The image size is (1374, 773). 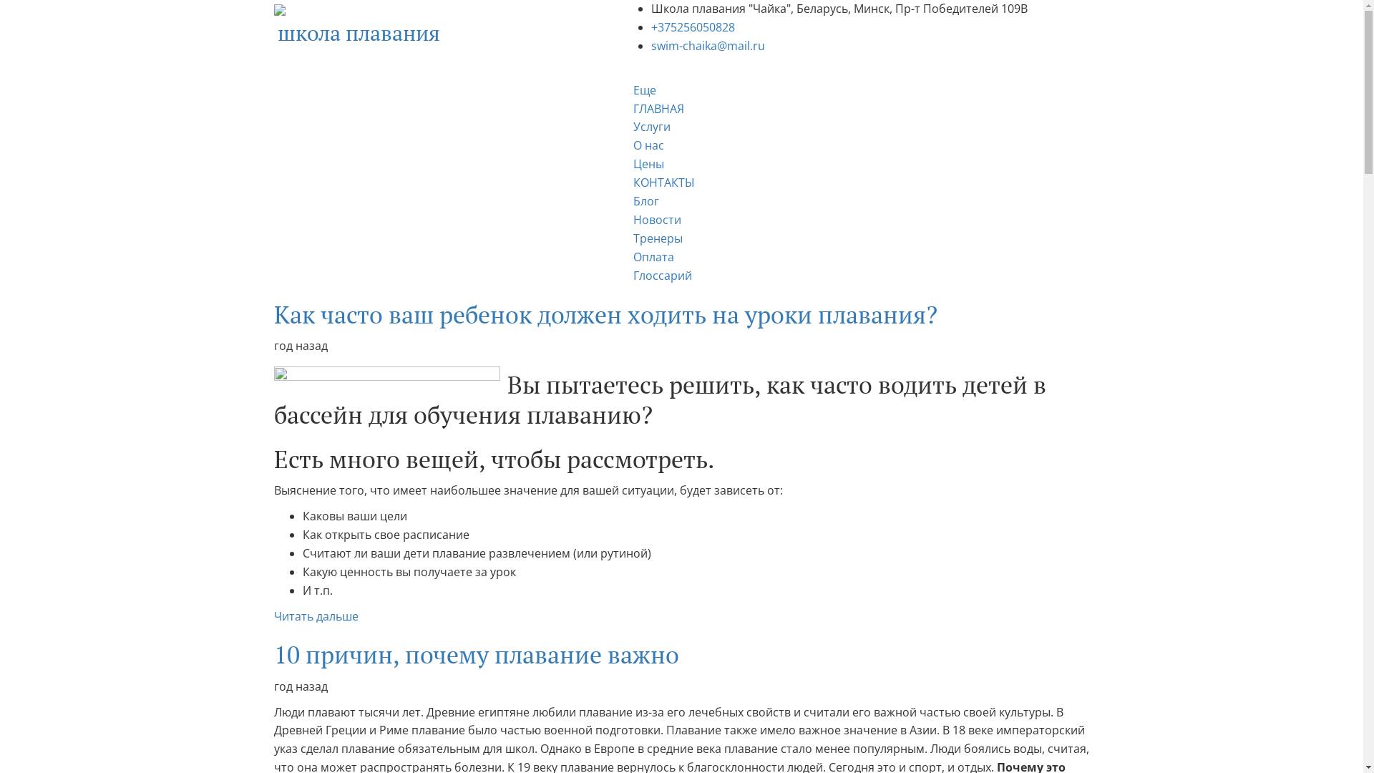 What do you see at coordinates (651, 45) in the screenshot?
I see `'swim-chaika@mail.ru'` at bounding box center [651, 45].